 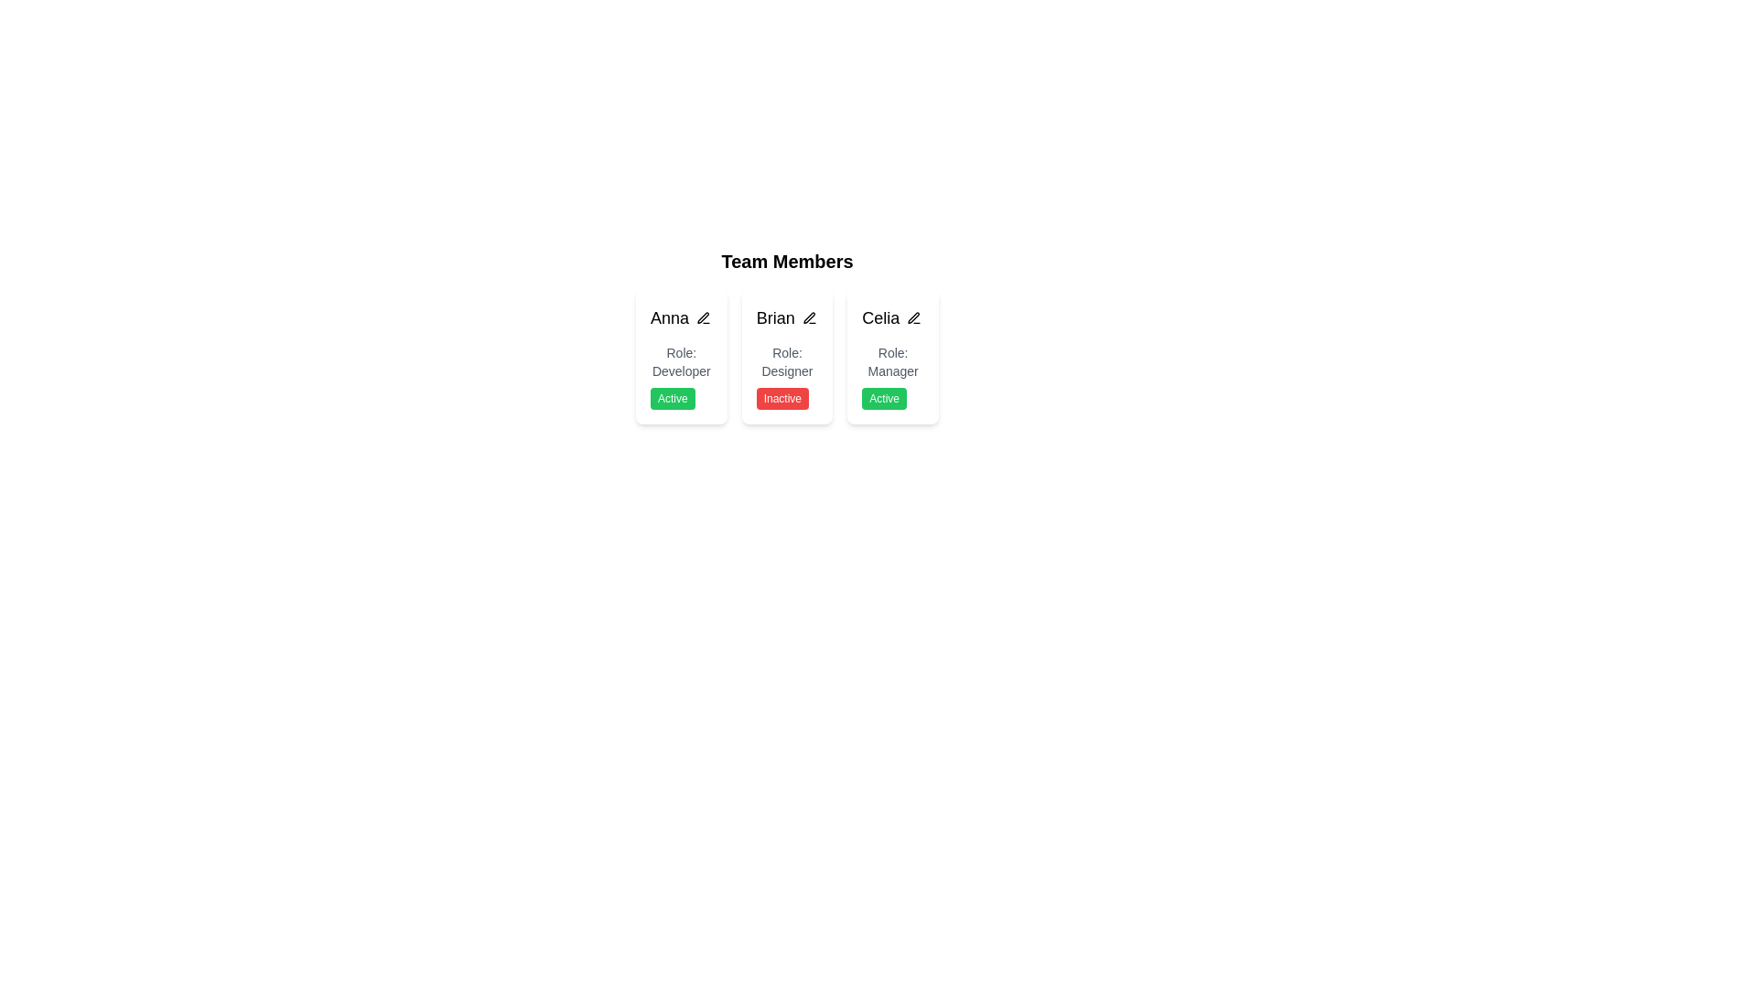 What do you see at coordinates (669, 317) in the screenshot?
I see `the text label displaying the name 'Anna' in the 'Team Members' section, located at the top-left corner of the first card` at bounding box center [669, 317].